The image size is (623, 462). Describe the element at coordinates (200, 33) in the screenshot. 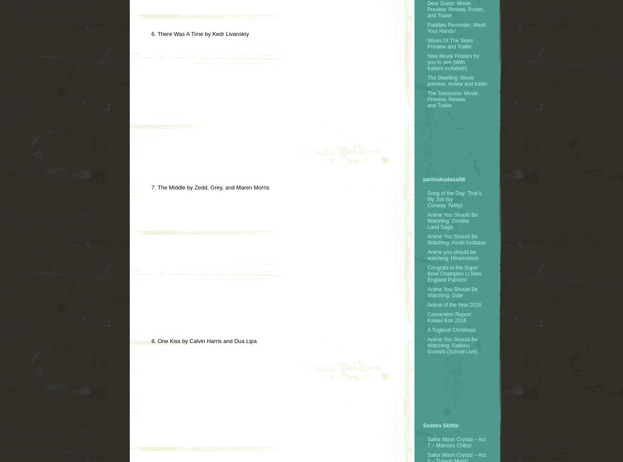

I see `'6. There Was A Time by Kedr Livanskiy'` at that location.